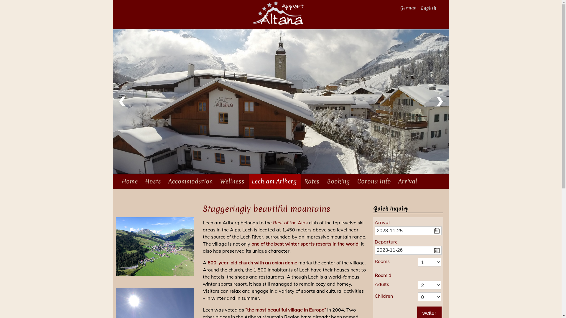 The width and height of the screenshot is (566, 318). What do you see at coordinates (232, 181) in the screenshot?
I see `'Wellness'` at bounding box center [232, 181].